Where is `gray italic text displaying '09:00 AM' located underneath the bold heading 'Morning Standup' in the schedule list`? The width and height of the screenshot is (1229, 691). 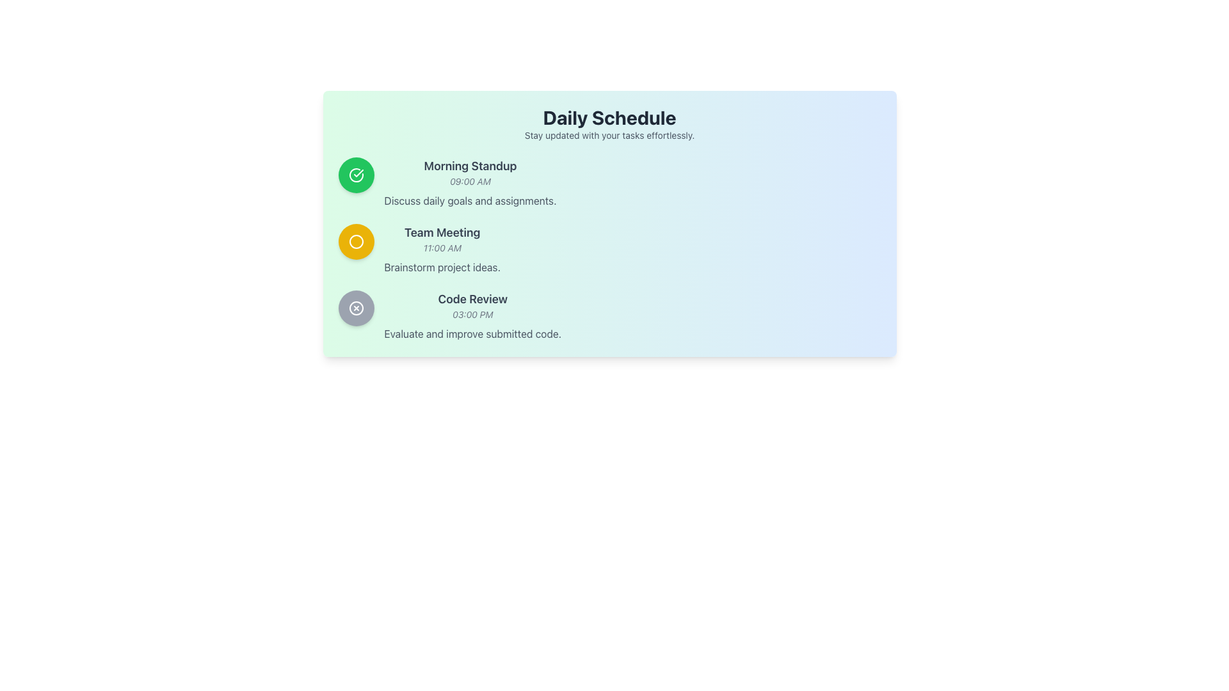 gray italic text displaying '09:00 AM' located underneath the bold heading 'Morning Standup' in the schedule list is located at coordinates (469, 182).